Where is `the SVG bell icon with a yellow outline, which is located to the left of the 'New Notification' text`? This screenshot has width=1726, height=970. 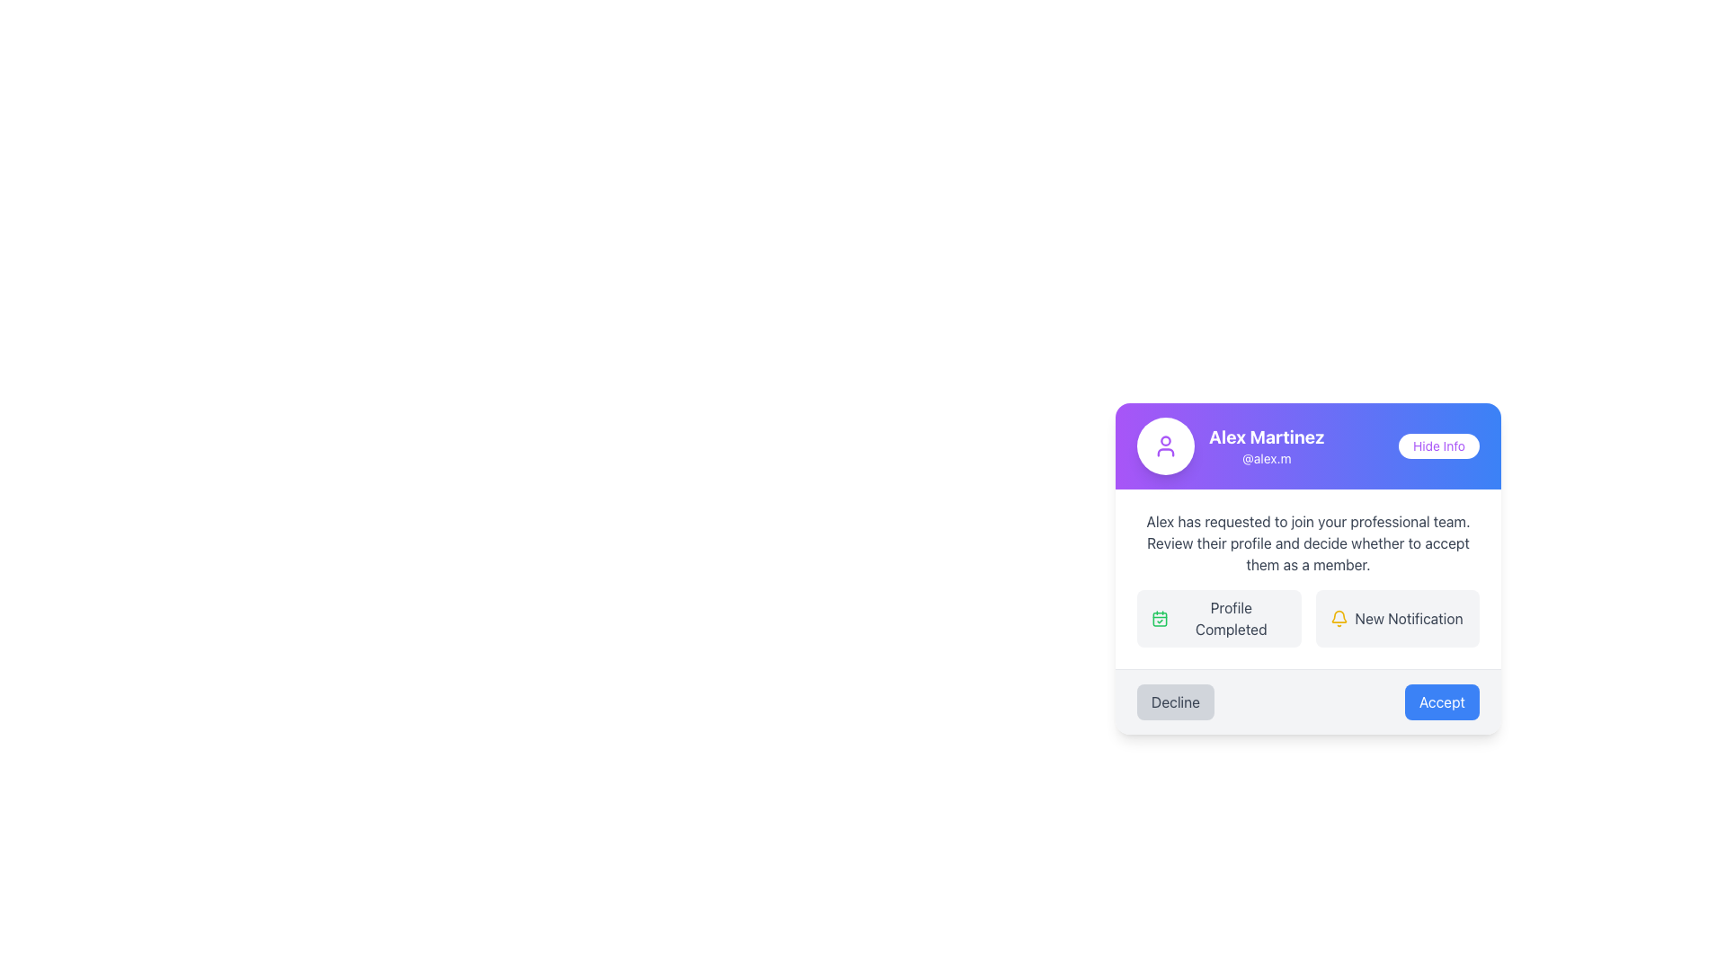
the SVG bell icon with a yellow outline, which is located to the left of the 'New Notification' text is located at coordinates (1339, 618).